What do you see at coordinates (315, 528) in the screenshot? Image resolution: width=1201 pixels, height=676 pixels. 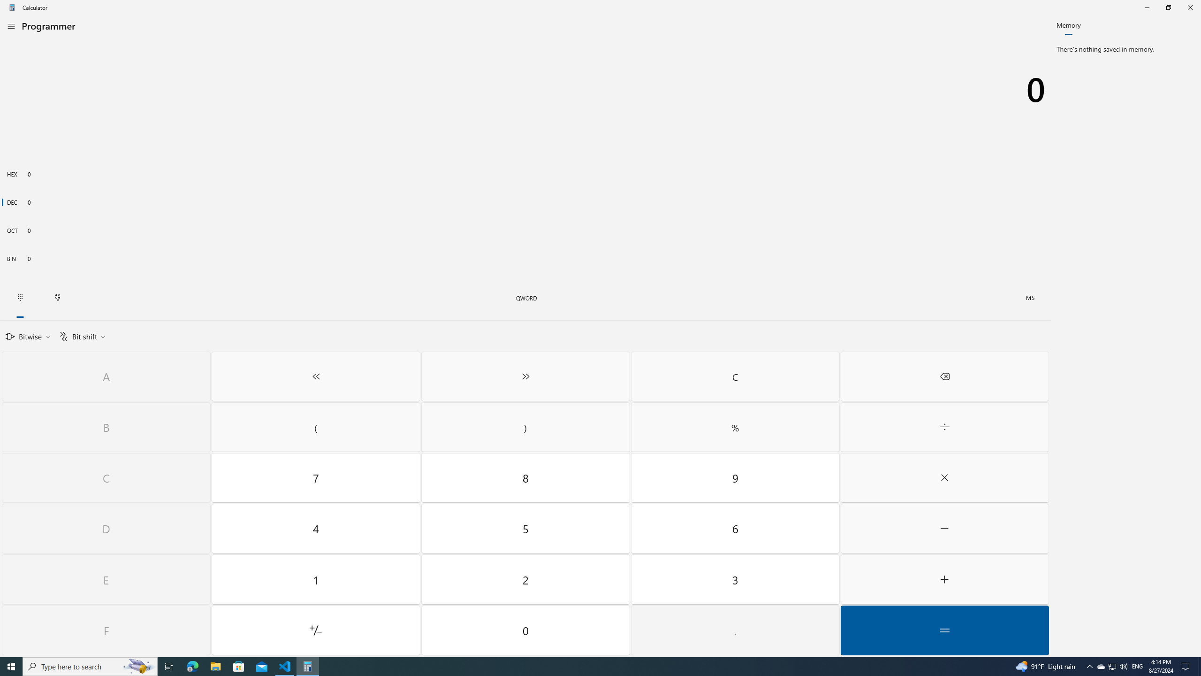 I see `'Four'` at bounding box center [315, 528].